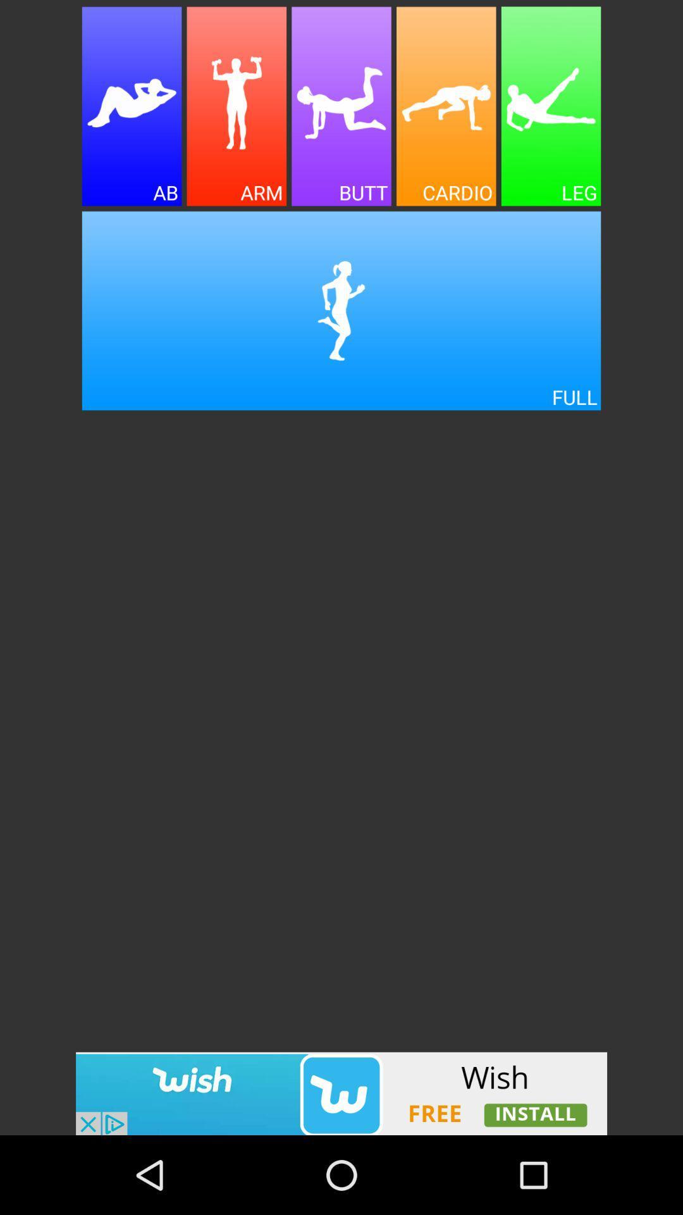 Image resolution: width=683 pixels, height=1215 pixels. I want to click on sponsor advertisement for wish, so click(341, 1093).